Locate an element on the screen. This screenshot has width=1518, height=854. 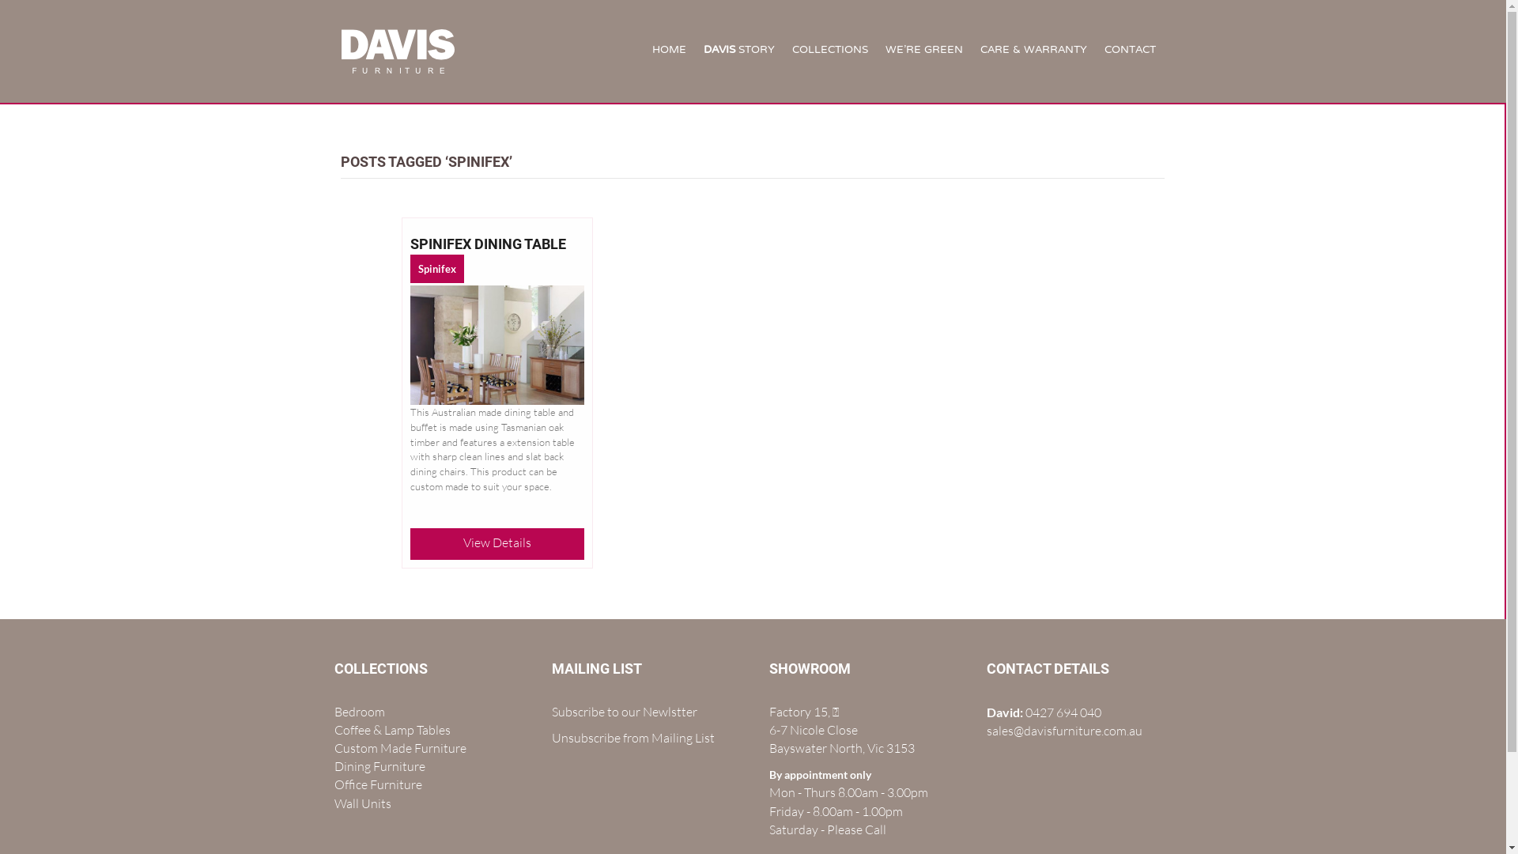
'Dining Furniture' is located at coordinates (378, 765).